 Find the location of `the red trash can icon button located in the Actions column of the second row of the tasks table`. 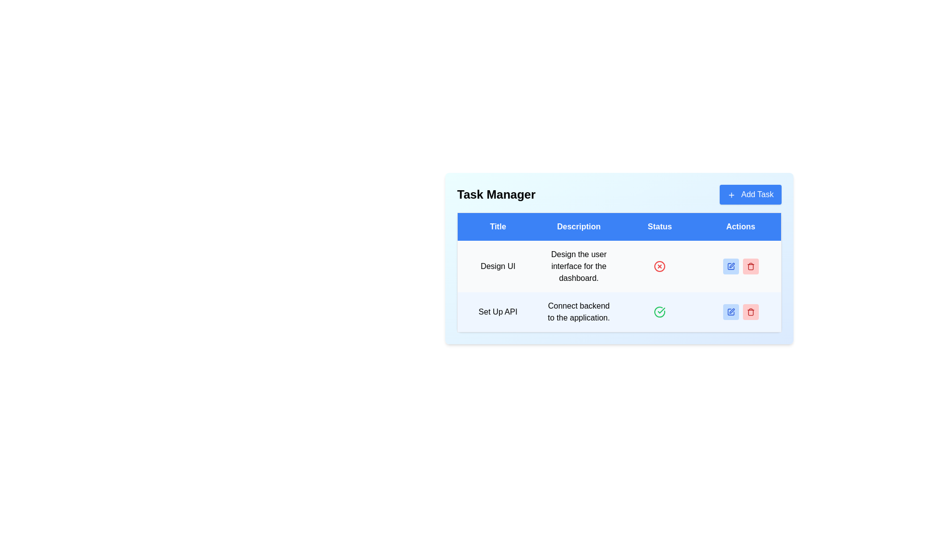

the red trash can icon button located in the Actions column of the second row of the tasks table is located at coordinates (750, 311).